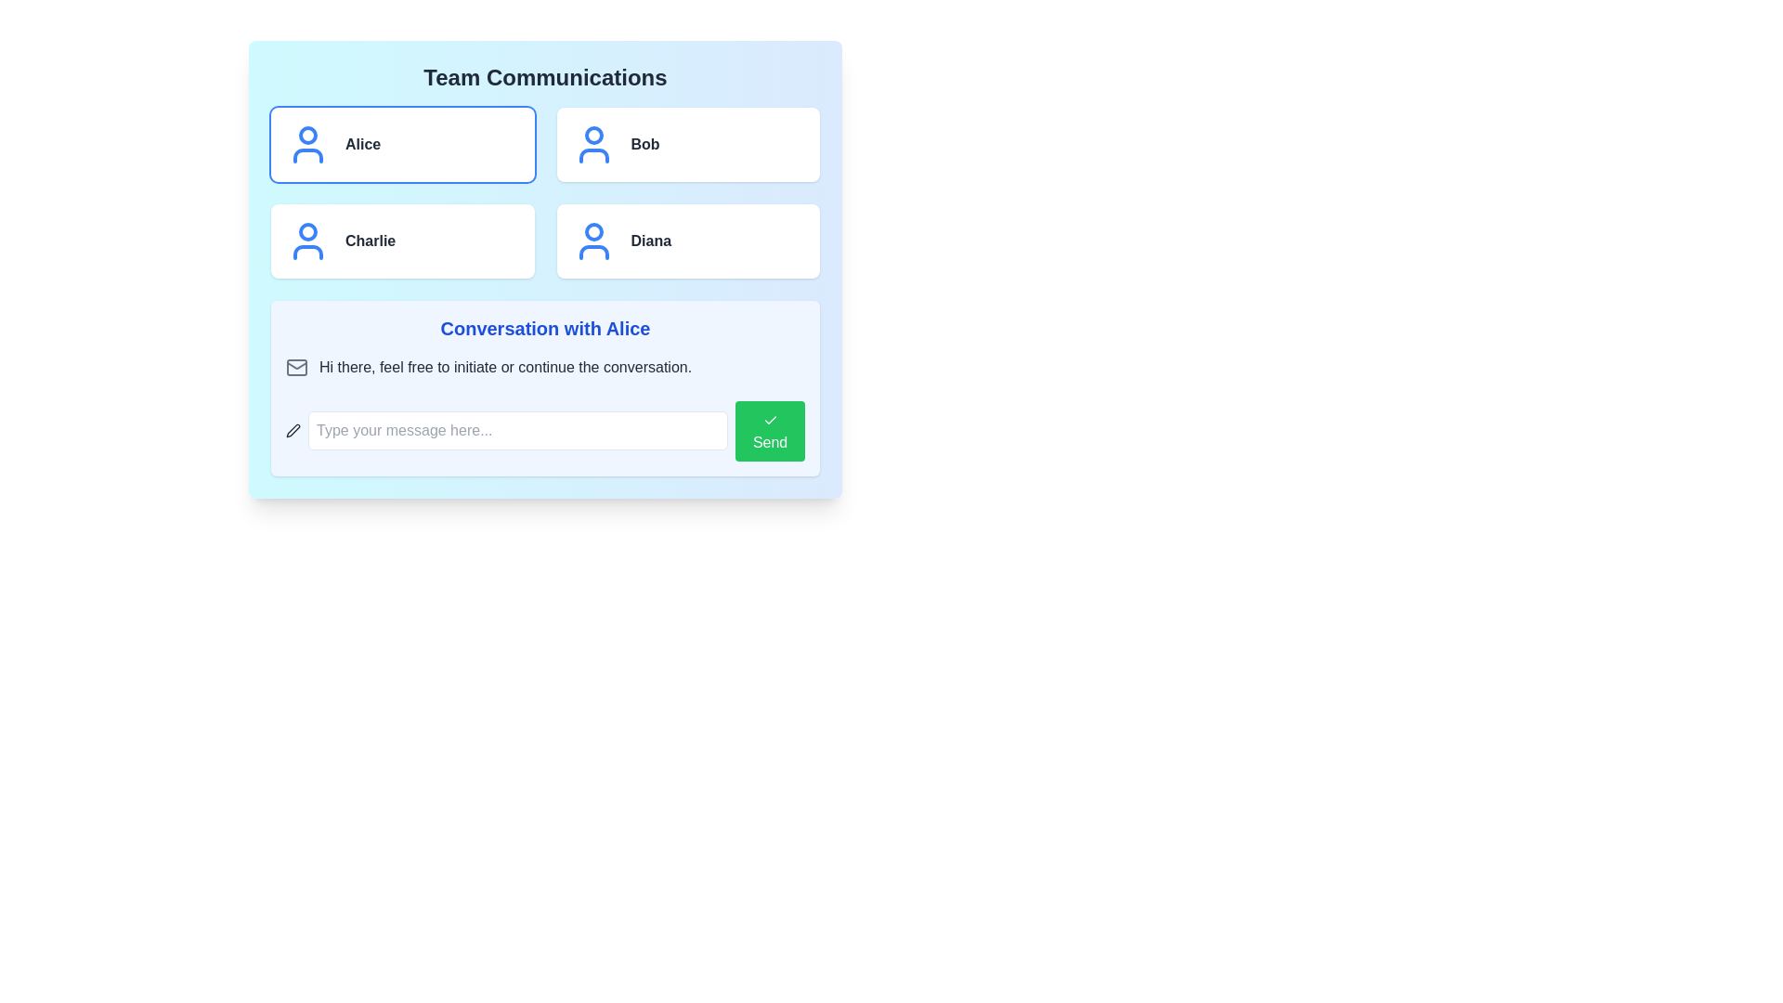 The image size is (1783, 1003). What do you see at coordinates (371, 240) in the screenshot?
I see `the text label displaying 'Charlie' located in the bottom left of the third card in the grid` at bounding box center [371, 240].